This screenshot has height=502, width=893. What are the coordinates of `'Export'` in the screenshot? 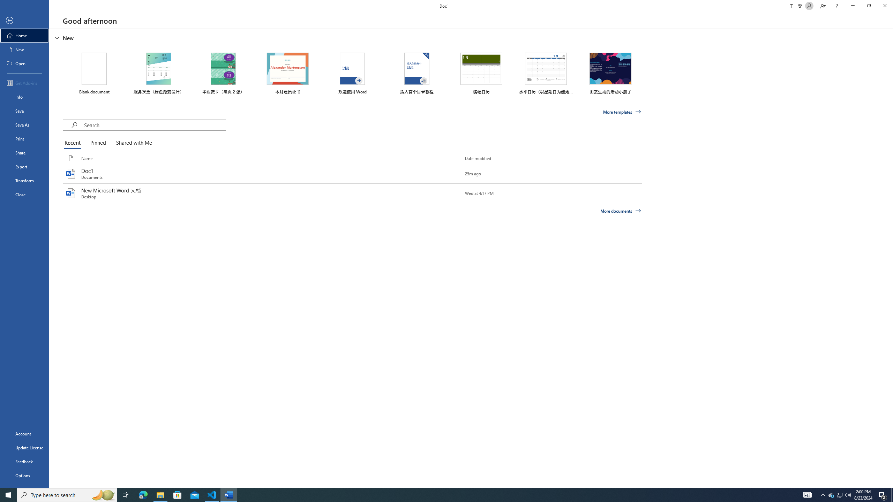 It's located at (24, 167).